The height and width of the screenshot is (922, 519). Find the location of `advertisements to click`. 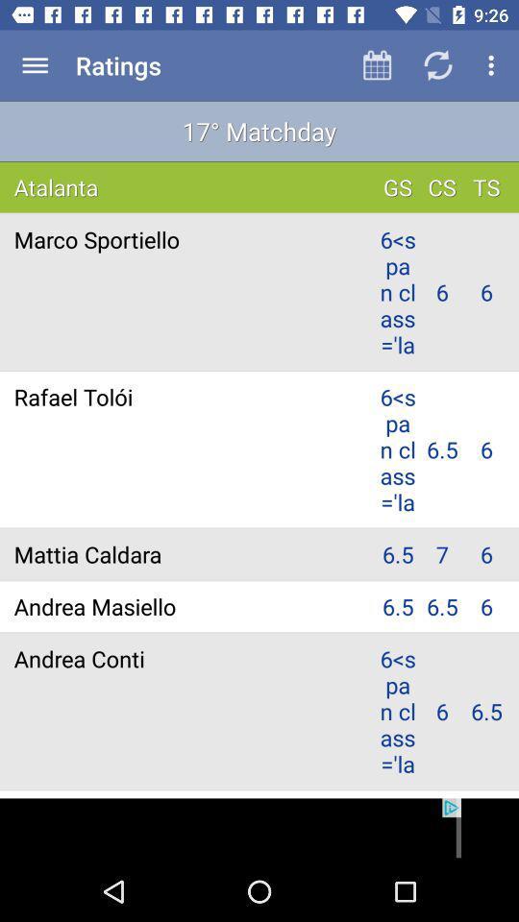

advertisements to click is located at coordinates (259, 829).